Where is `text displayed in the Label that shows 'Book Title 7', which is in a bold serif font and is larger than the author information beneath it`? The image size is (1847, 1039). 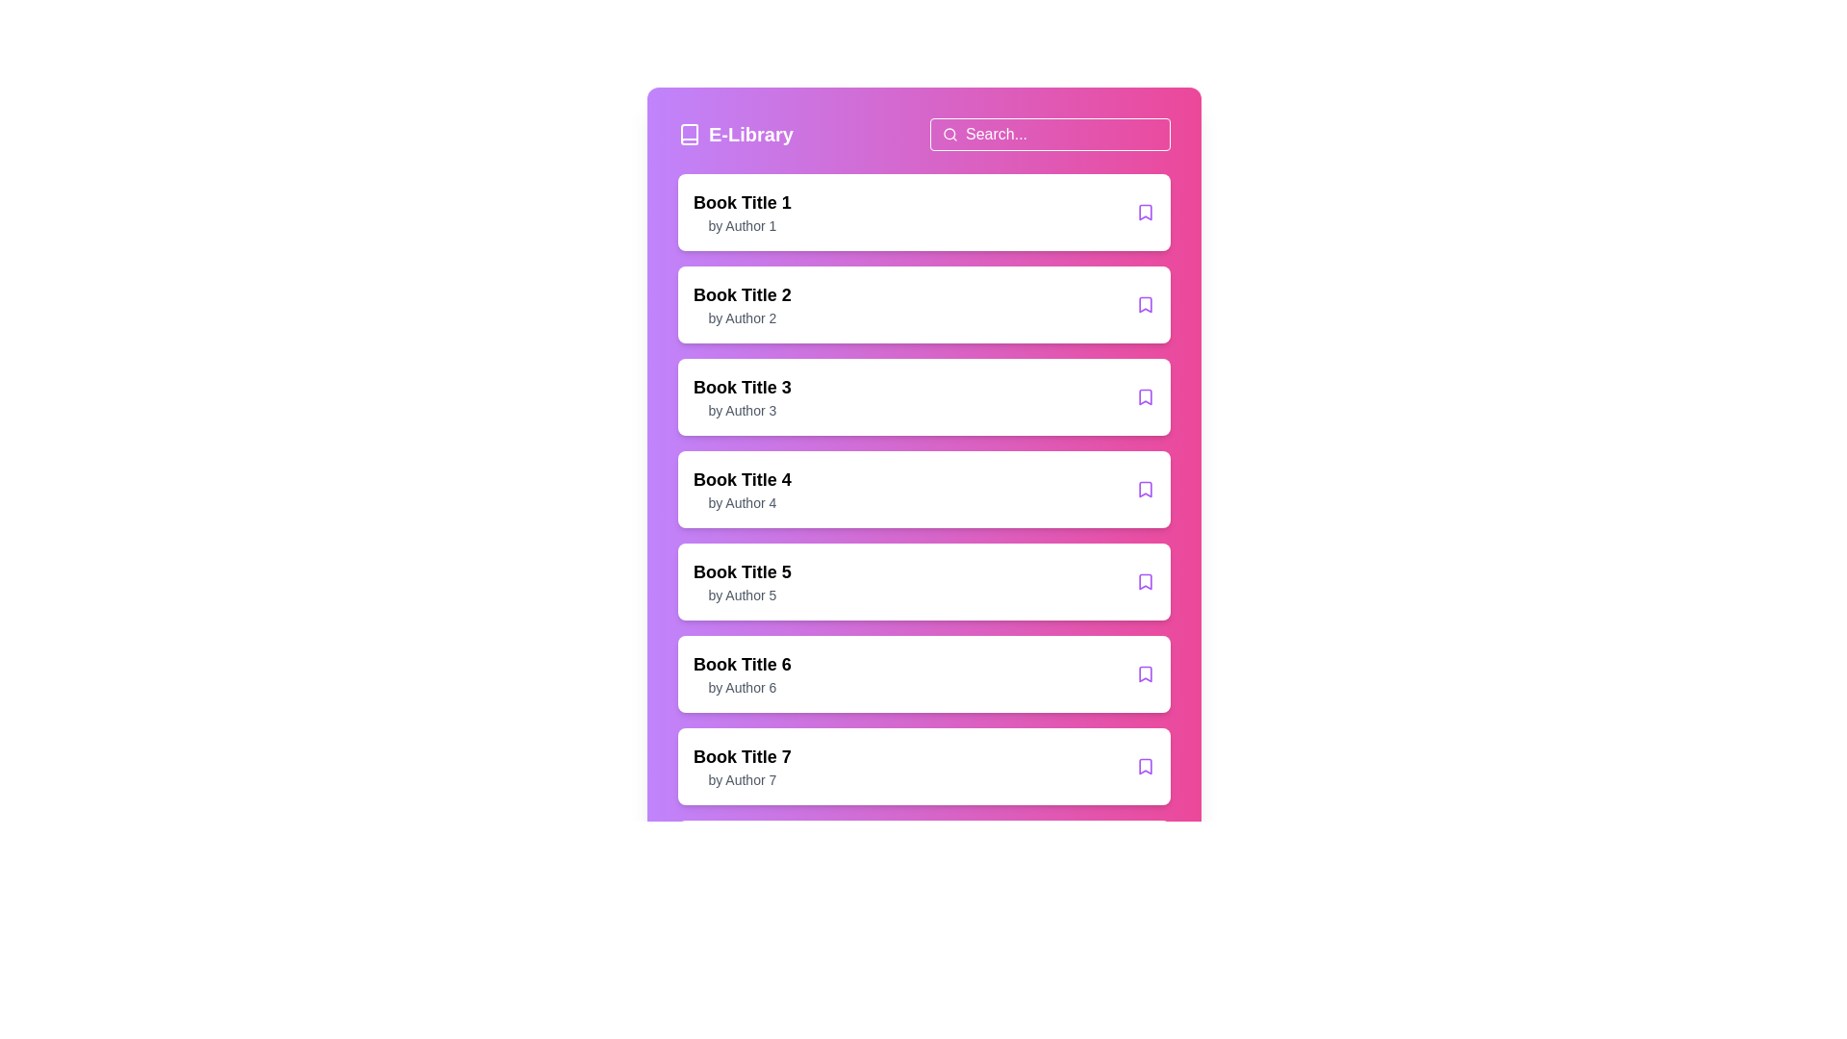
text displayed in the Label that shows 'Book Title 7', which is in a bold serif font and is larger than the author information beneath it is located at coordinates (741, 755).